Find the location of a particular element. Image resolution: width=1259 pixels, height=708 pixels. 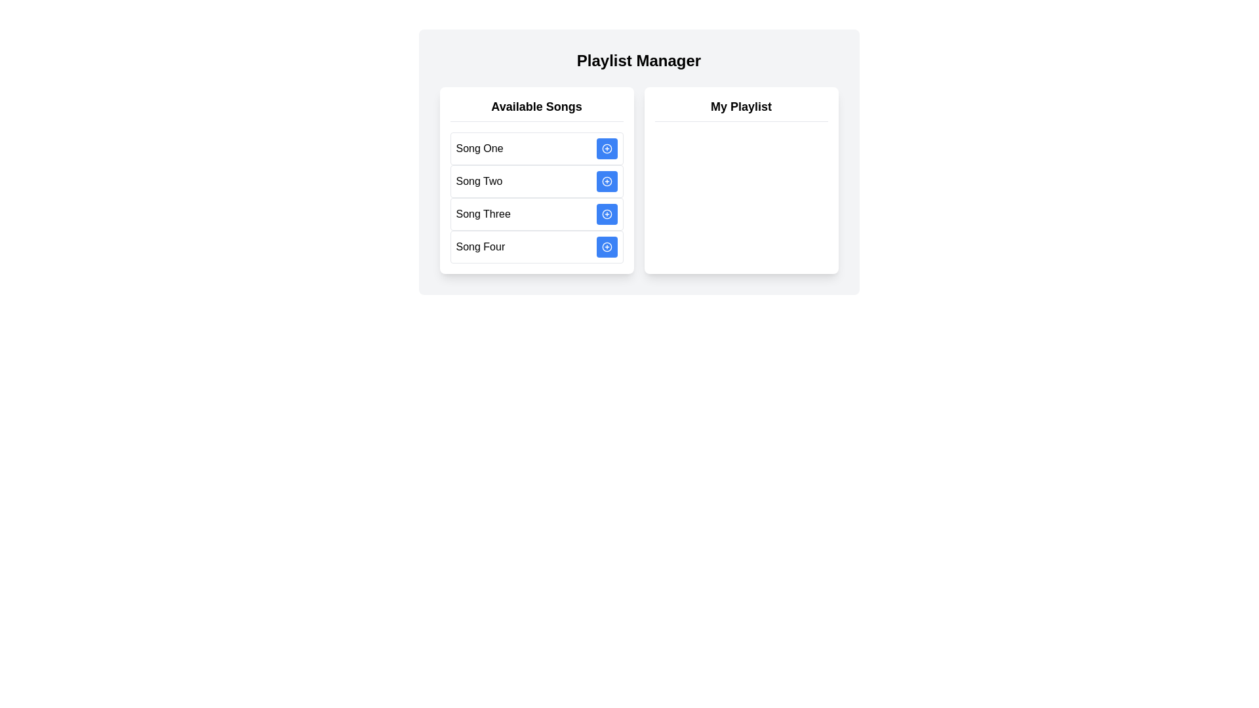

the 'Available Songs' section to analyze its contents is located at coordinates (536, 180).